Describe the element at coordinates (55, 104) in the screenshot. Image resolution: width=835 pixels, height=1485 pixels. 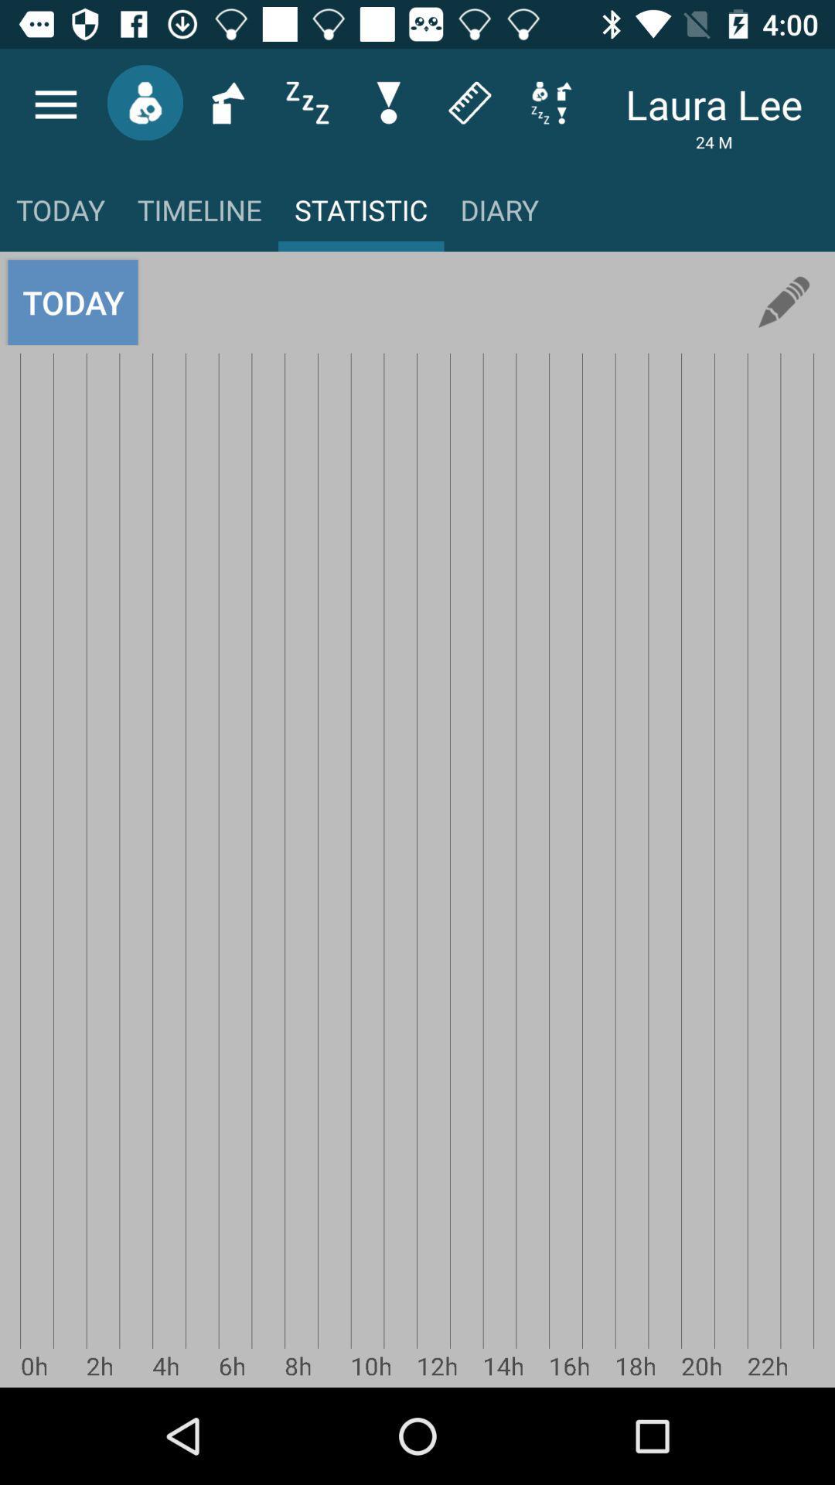
I see `the menu icon` at that location.